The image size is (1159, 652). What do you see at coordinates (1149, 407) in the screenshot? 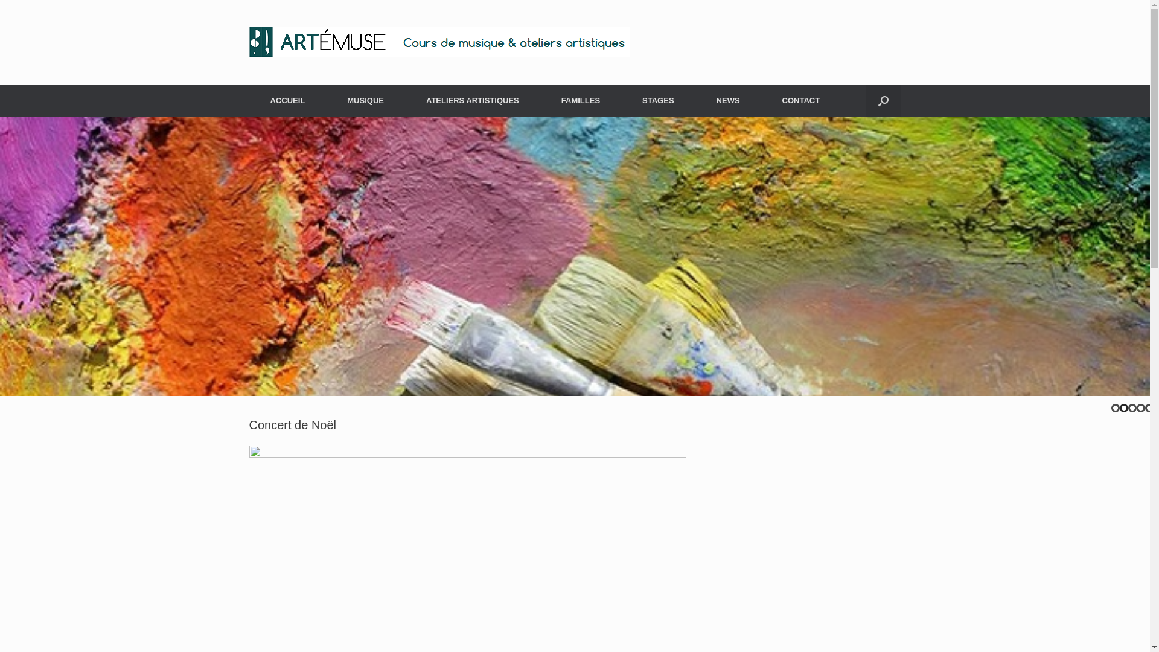
I see `'5'` at bounding box center [1149, 407].